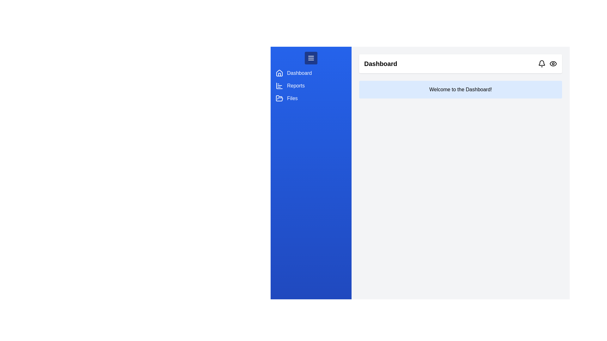 This screenshot has height=341, width=607. I want to click on the first Navigation link with a house icon and 'Dashboard' text, so click(311, 73).